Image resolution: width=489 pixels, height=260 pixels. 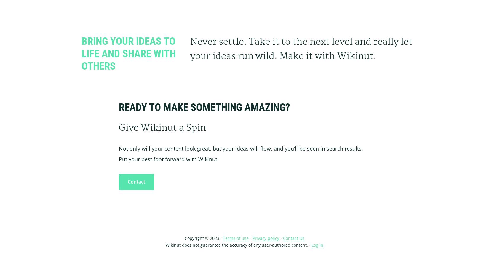 I want to click on 'Contact Us', so click(x=283, y=238).